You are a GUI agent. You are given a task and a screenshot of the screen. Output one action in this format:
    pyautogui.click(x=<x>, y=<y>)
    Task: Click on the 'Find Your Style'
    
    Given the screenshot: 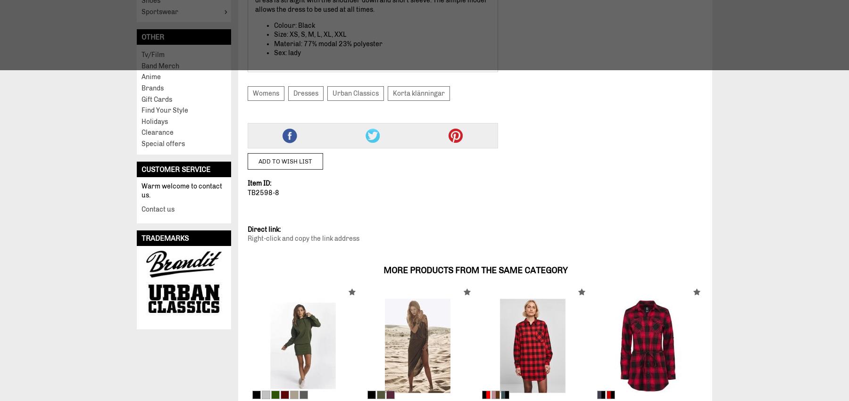 What is the action you would take?
    pyautogui.click(x=165, y=110)
    